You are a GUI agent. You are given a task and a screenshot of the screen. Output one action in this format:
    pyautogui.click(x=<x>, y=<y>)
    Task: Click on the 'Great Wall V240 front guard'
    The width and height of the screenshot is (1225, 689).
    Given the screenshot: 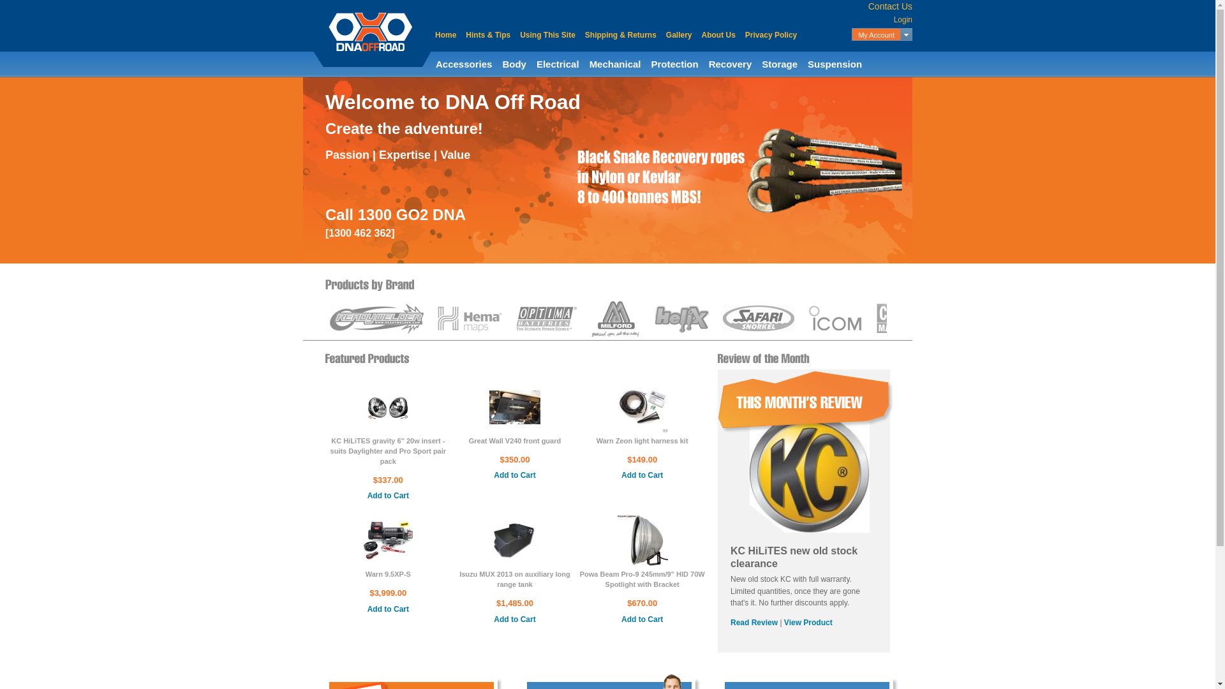 What is the action you would take?
    pyautogui.click(x=514, y=386)
    